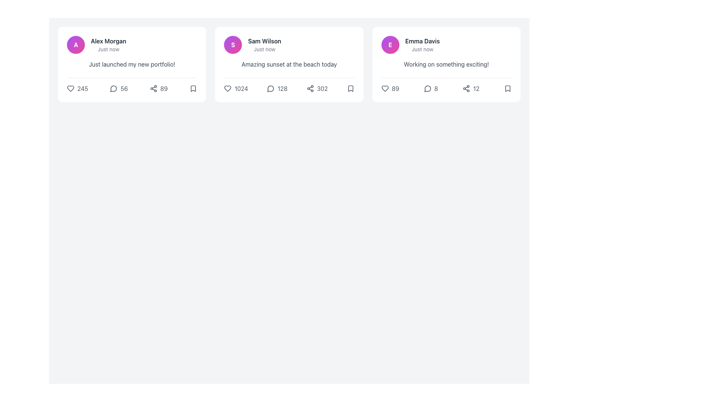 The height and width of the screenshot is (404, 718). What do you see at coordinates (153, 88) in the screenshot?
I see `the share icon button located in the lower-right corner of the post card, which is the third clickable element in the row of interactive icons beneath the post content, to trigger a tooltip or feedback` at bounding box center [153, 88].